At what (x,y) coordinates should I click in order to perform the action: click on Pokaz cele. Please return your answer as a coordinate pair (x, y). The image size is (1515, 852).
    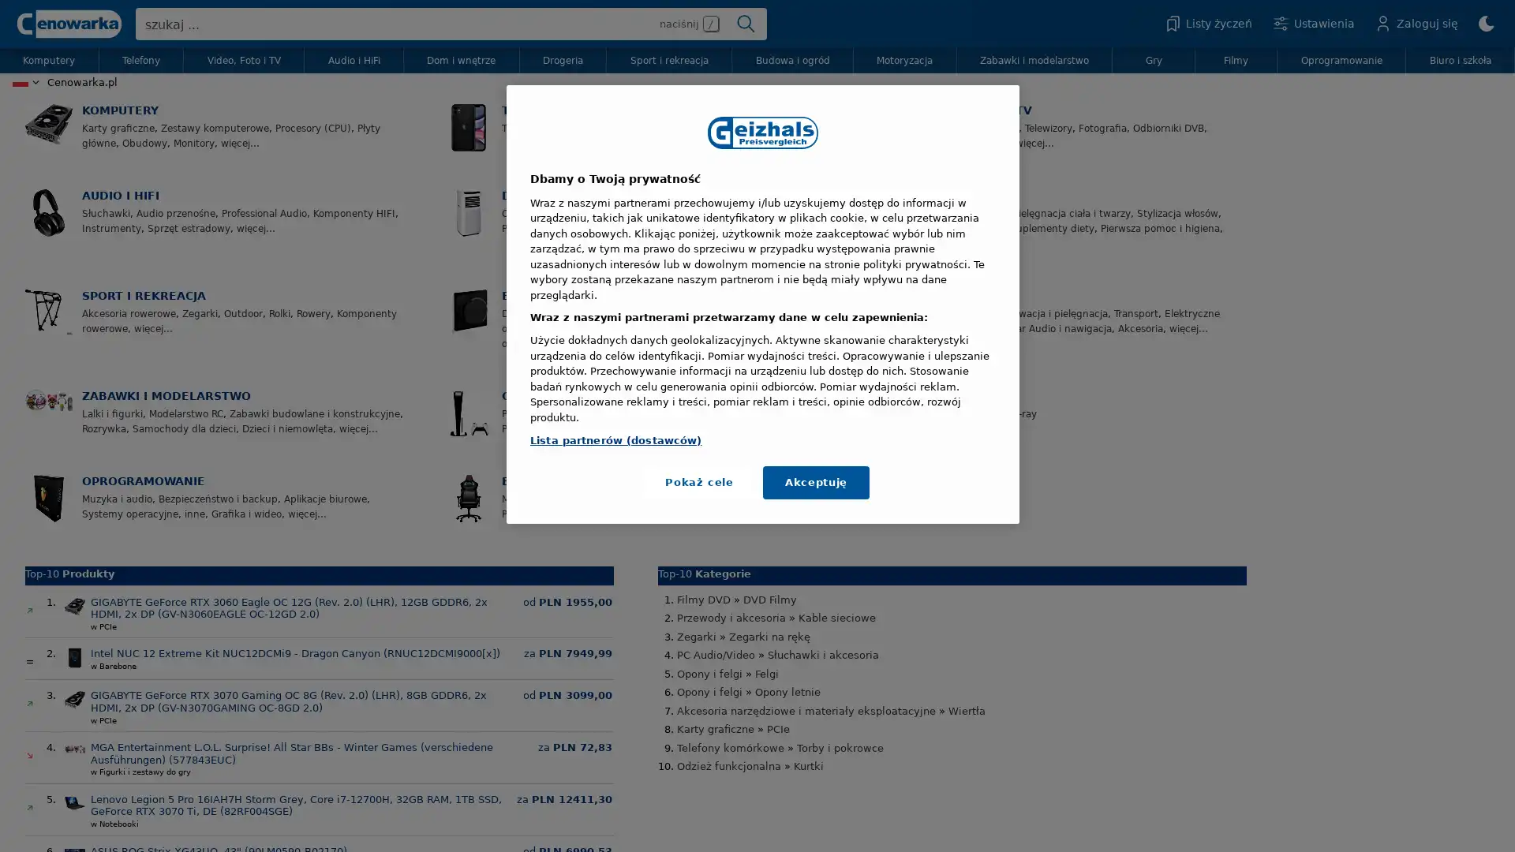
    Looking at the image, I should click on (698, 482).